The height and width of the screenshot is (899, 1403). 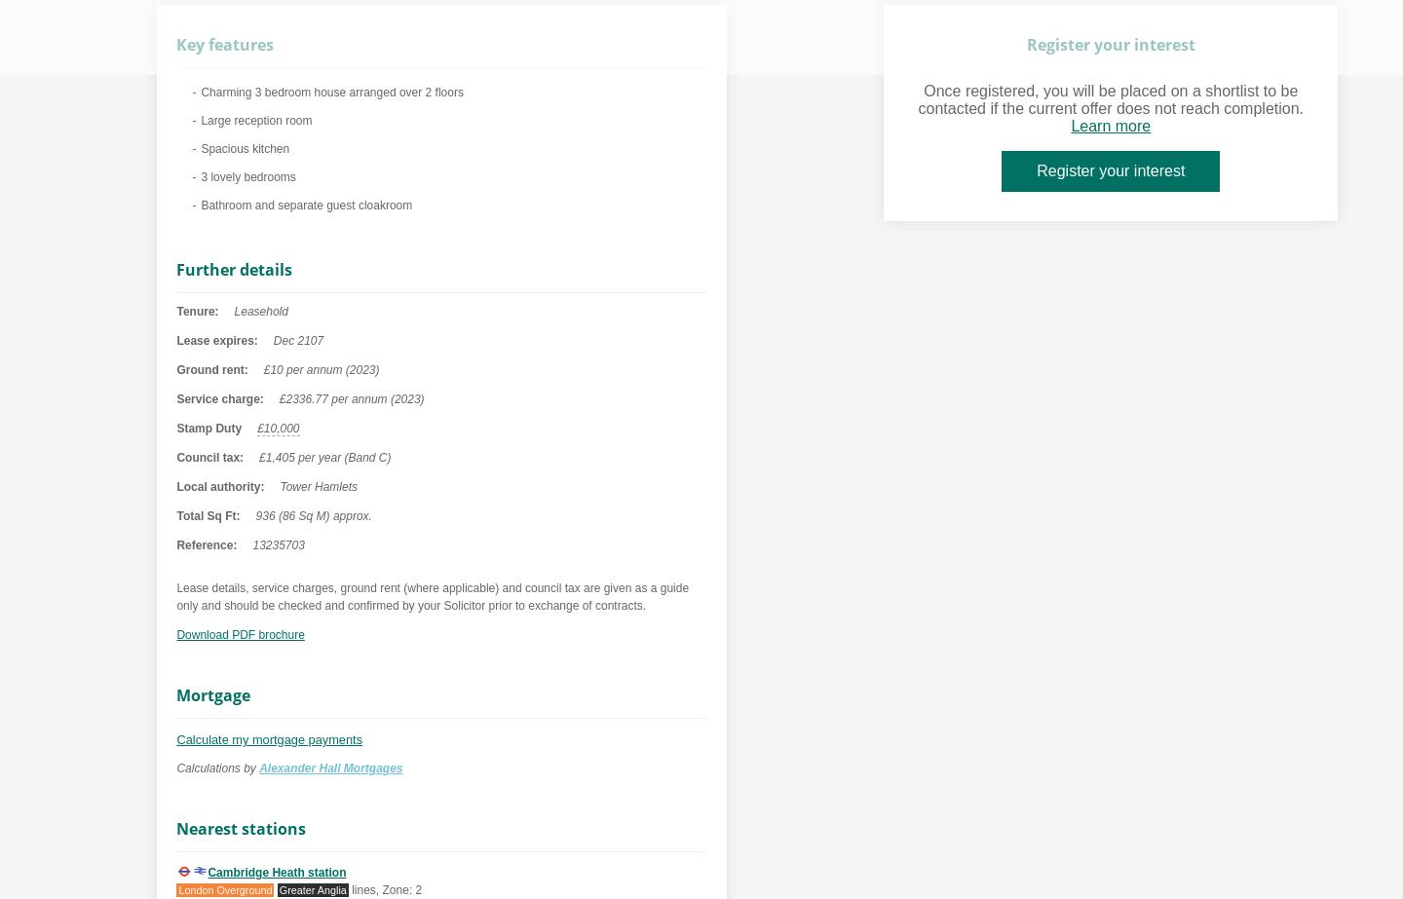 I want to click on 'Mortgage', so click(x=213, y=694).